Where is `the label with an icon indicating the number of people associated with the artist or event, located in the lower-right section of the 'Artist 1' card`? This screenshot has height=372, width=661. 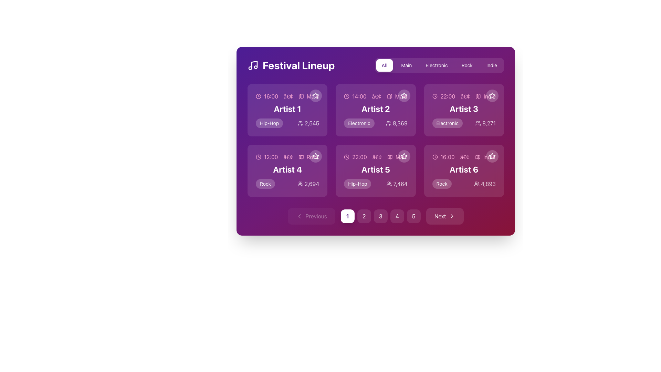 the label with an icon indicating the number of people associated with the artist or event, located in the lower-right section of the 'Artist 1' card is located at coordinates (308, 123).